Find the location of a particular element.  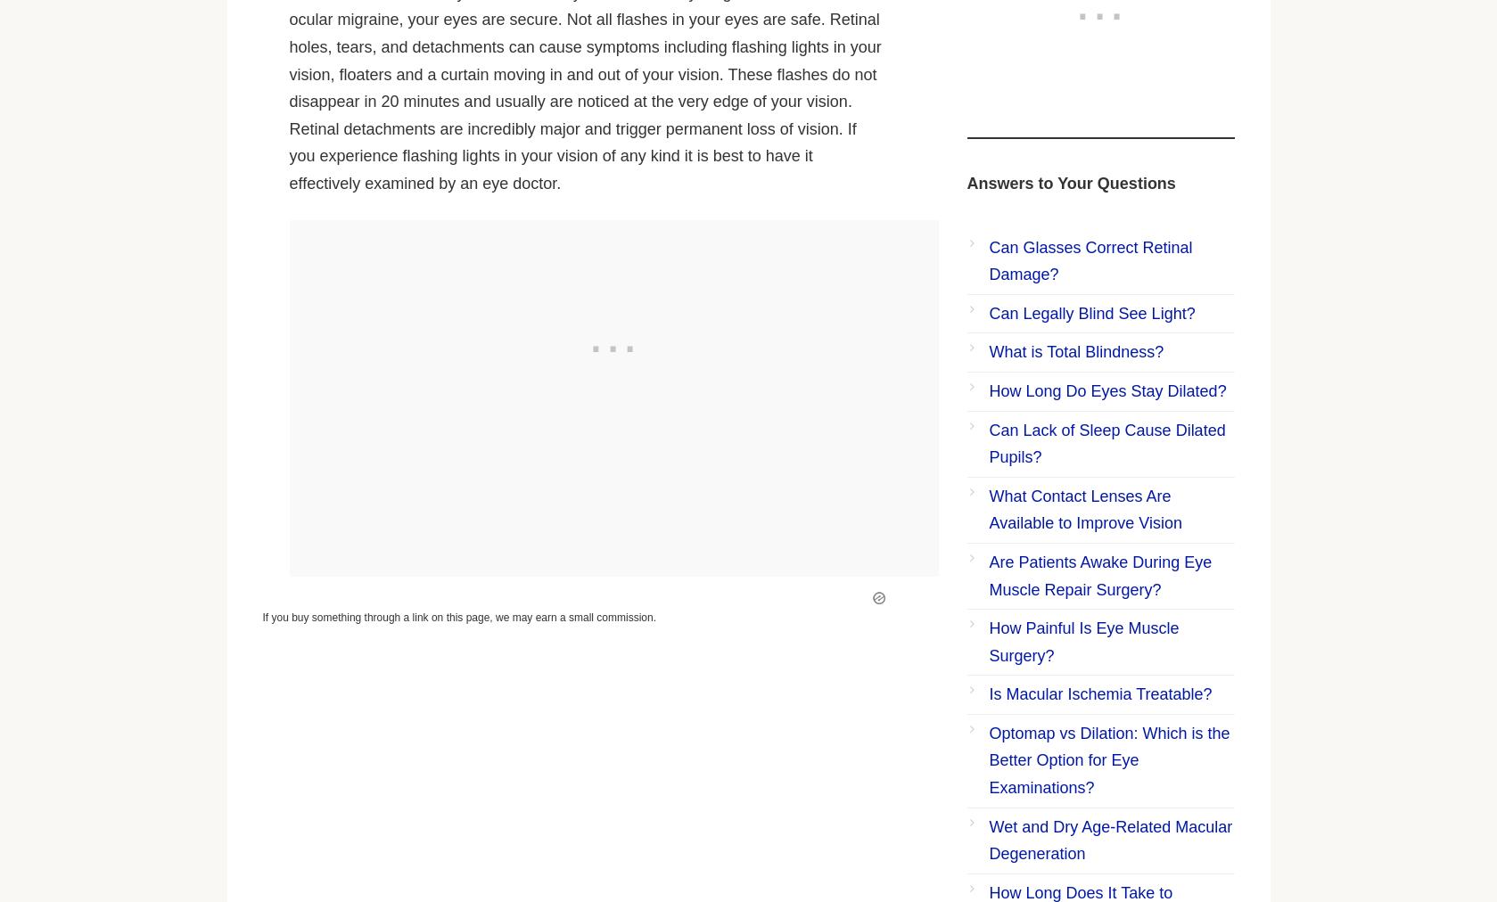

'Is Macular Ischemia Treatable?' is located at coordinates (987, 693).